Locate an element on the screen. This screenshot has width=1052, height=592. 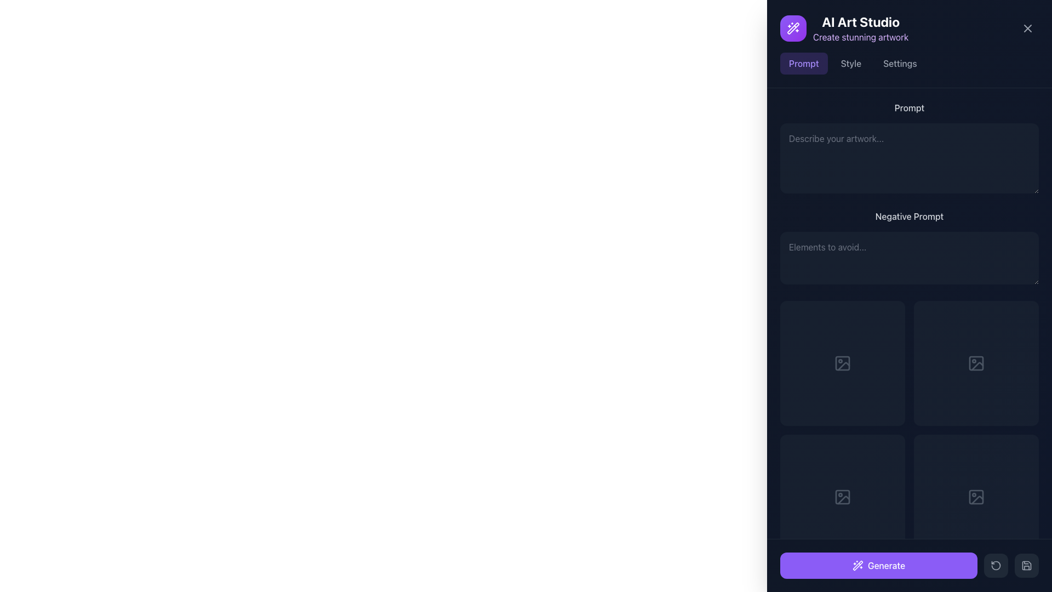
the 'Style' button, which is a clickable button with rounded corners and a light gray color that changes to darker gray on hover, located between the 'Prompt' and 'Settings' buttons is located at coordinates (850, 63).